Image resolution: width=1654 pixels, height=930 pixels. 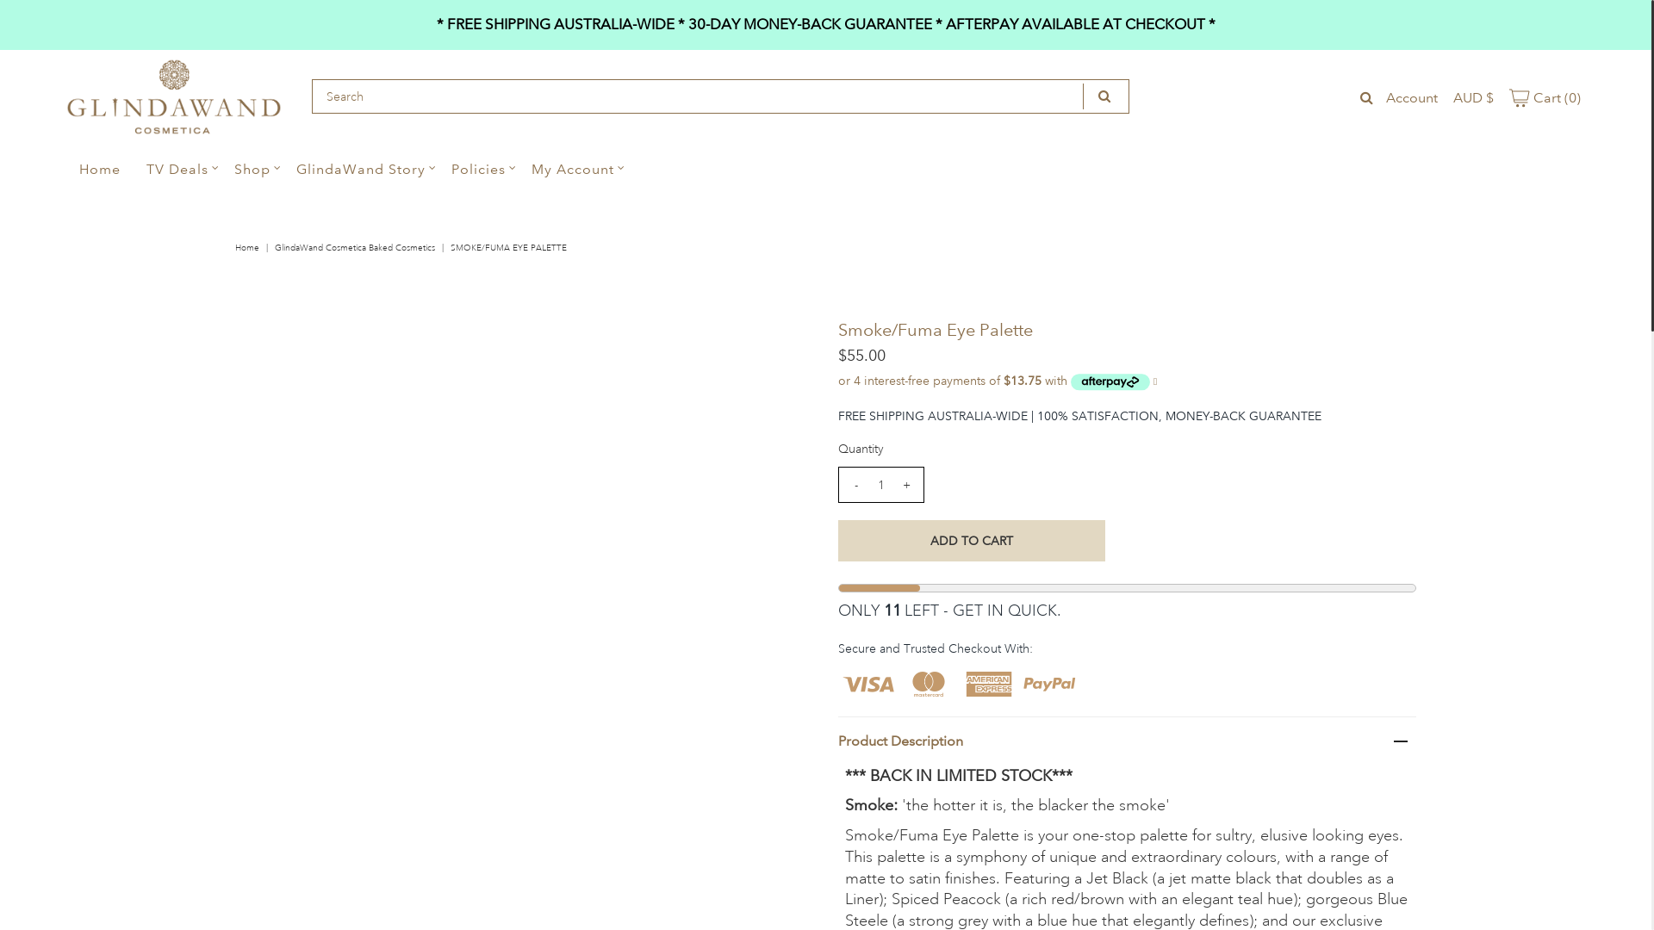 I want to click on 'Policies', so click(x=478, y=169).